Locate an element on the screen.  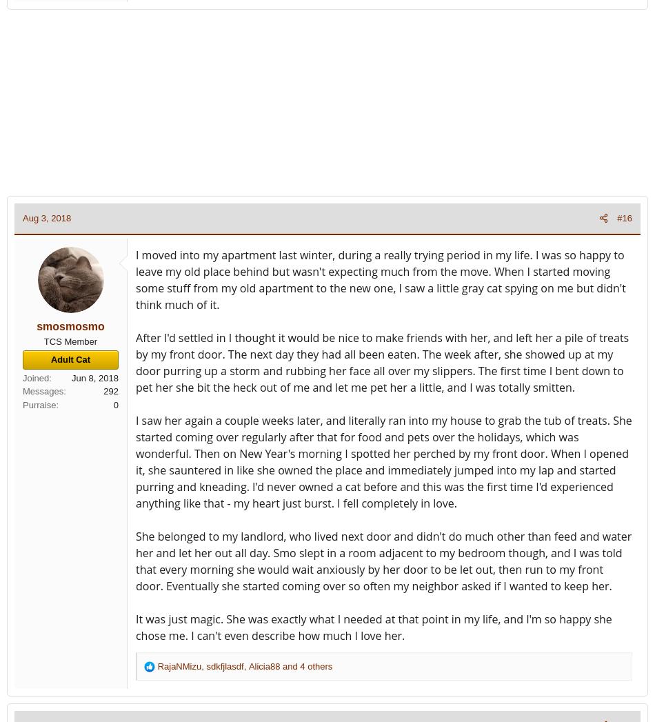
'TCS Member' is located at coordinates (70, 340).